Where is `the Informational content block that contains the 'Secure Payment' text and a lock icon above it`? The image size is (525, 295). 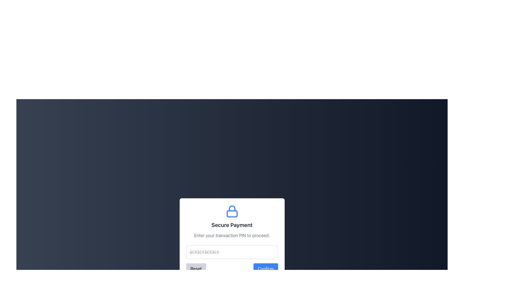
the Informational content block that contains the 'Secure Payment' text and a lock icon above it is located at coordinates (232, 222).